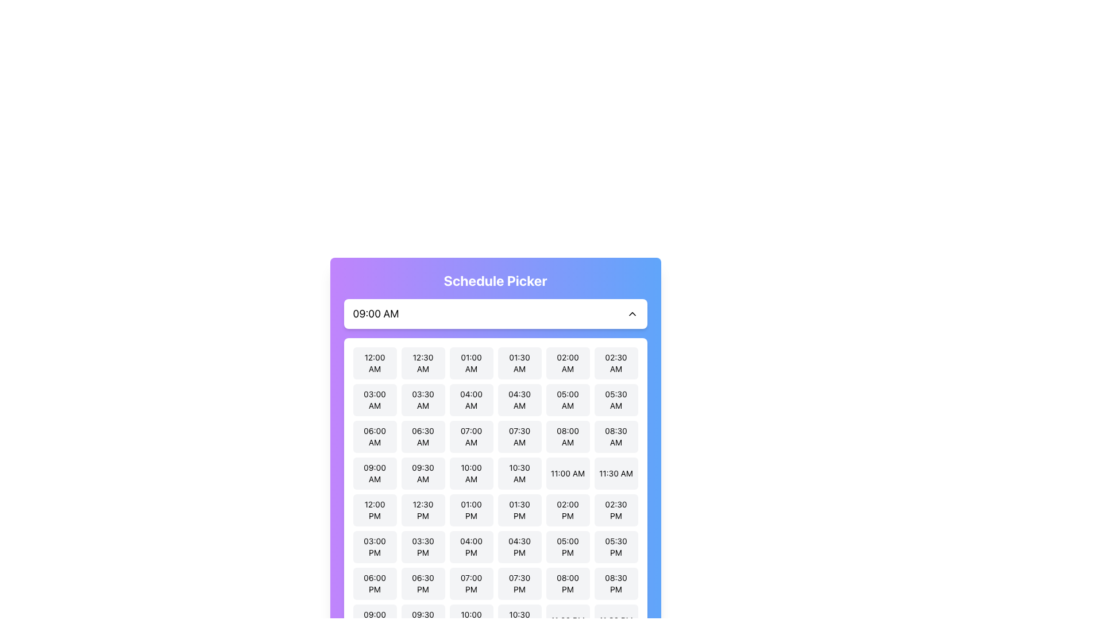 Image resolution: width=1103 pixels, height=620 pixels. Describe the element at coordinates (568, 546) in the screenshot. I see `the button in the grid layout that selects the time '05:00 PM'` at that location.